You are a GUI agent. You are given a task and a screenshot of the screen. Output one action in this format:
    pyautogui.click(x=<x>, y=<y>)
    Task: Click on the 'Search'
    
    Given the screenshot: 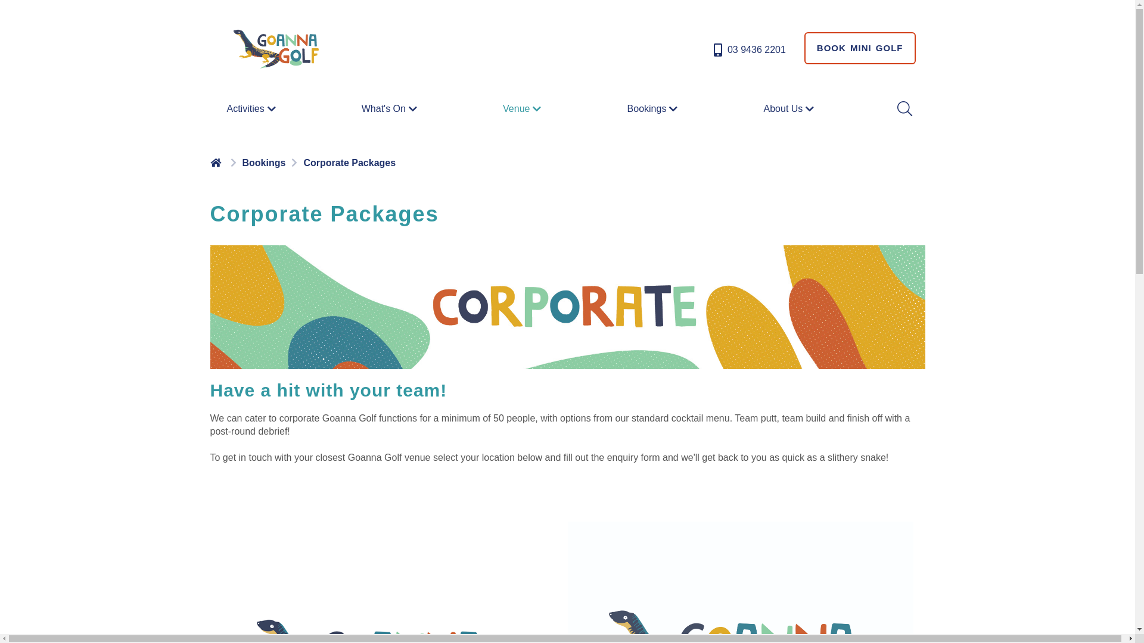 What is the action you would take?
    pyautogui.click(x=895, y=108)
    